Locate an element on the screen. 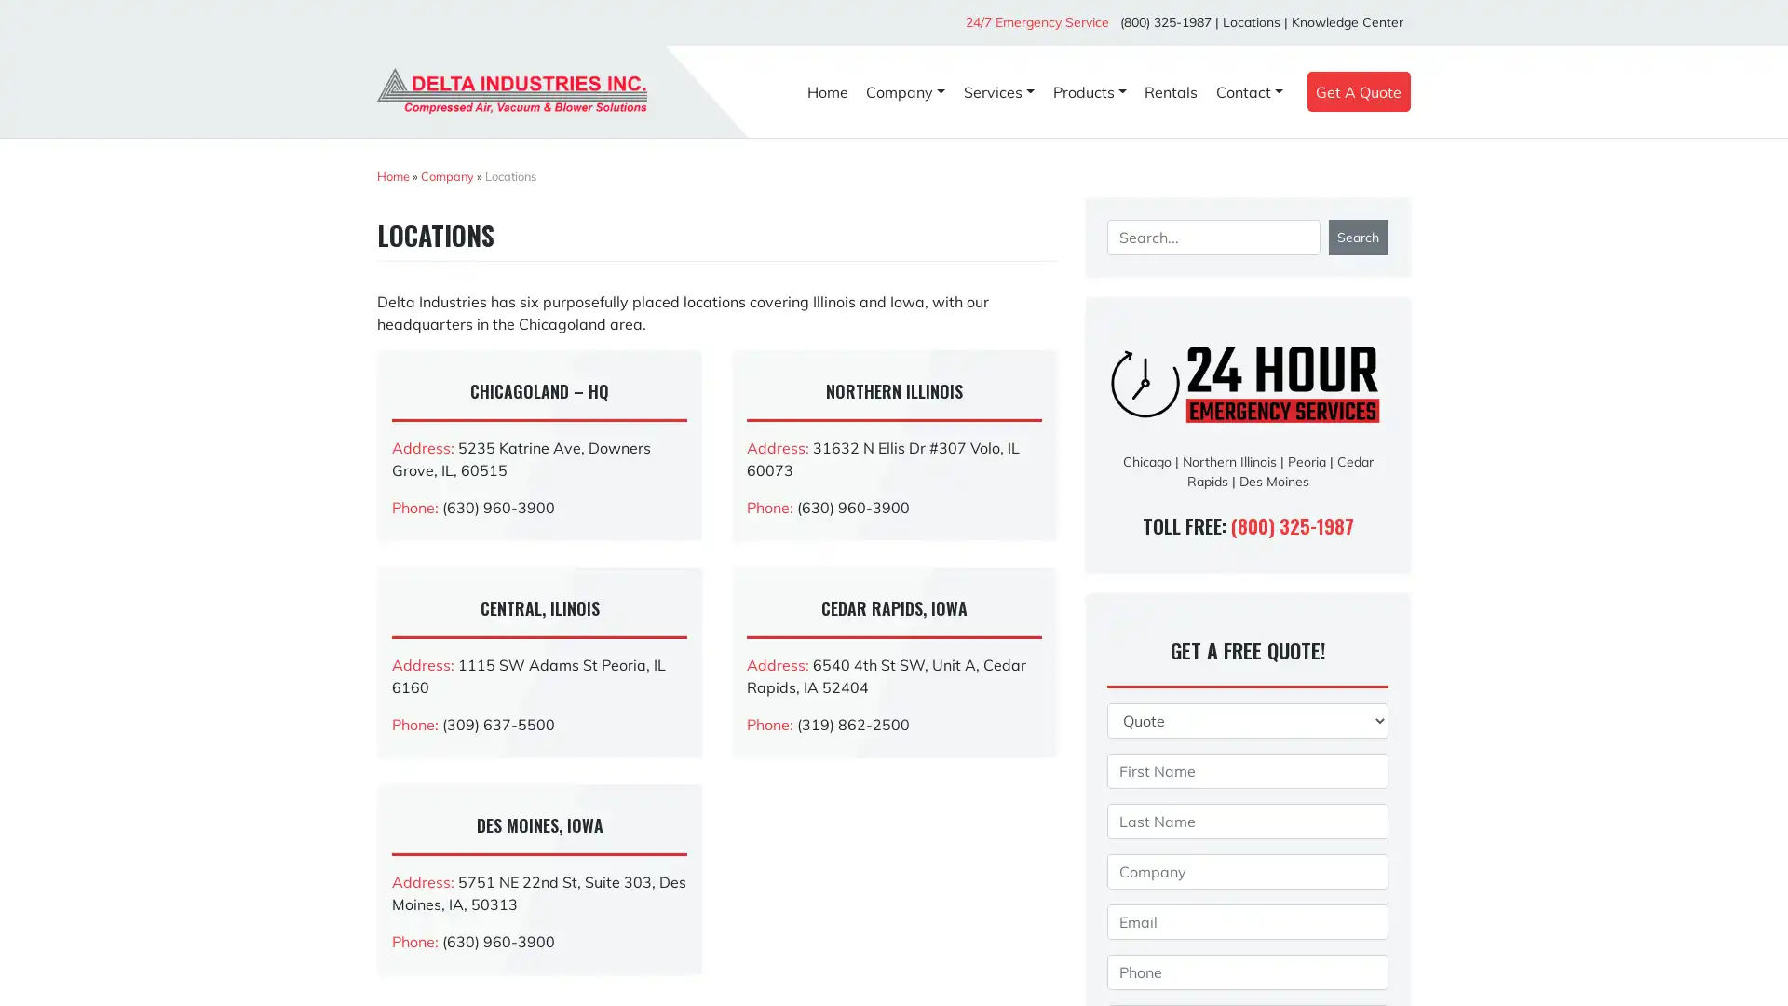 This screenshot has height=1006, width=1788. Search is located at coordinates (1358, 236).